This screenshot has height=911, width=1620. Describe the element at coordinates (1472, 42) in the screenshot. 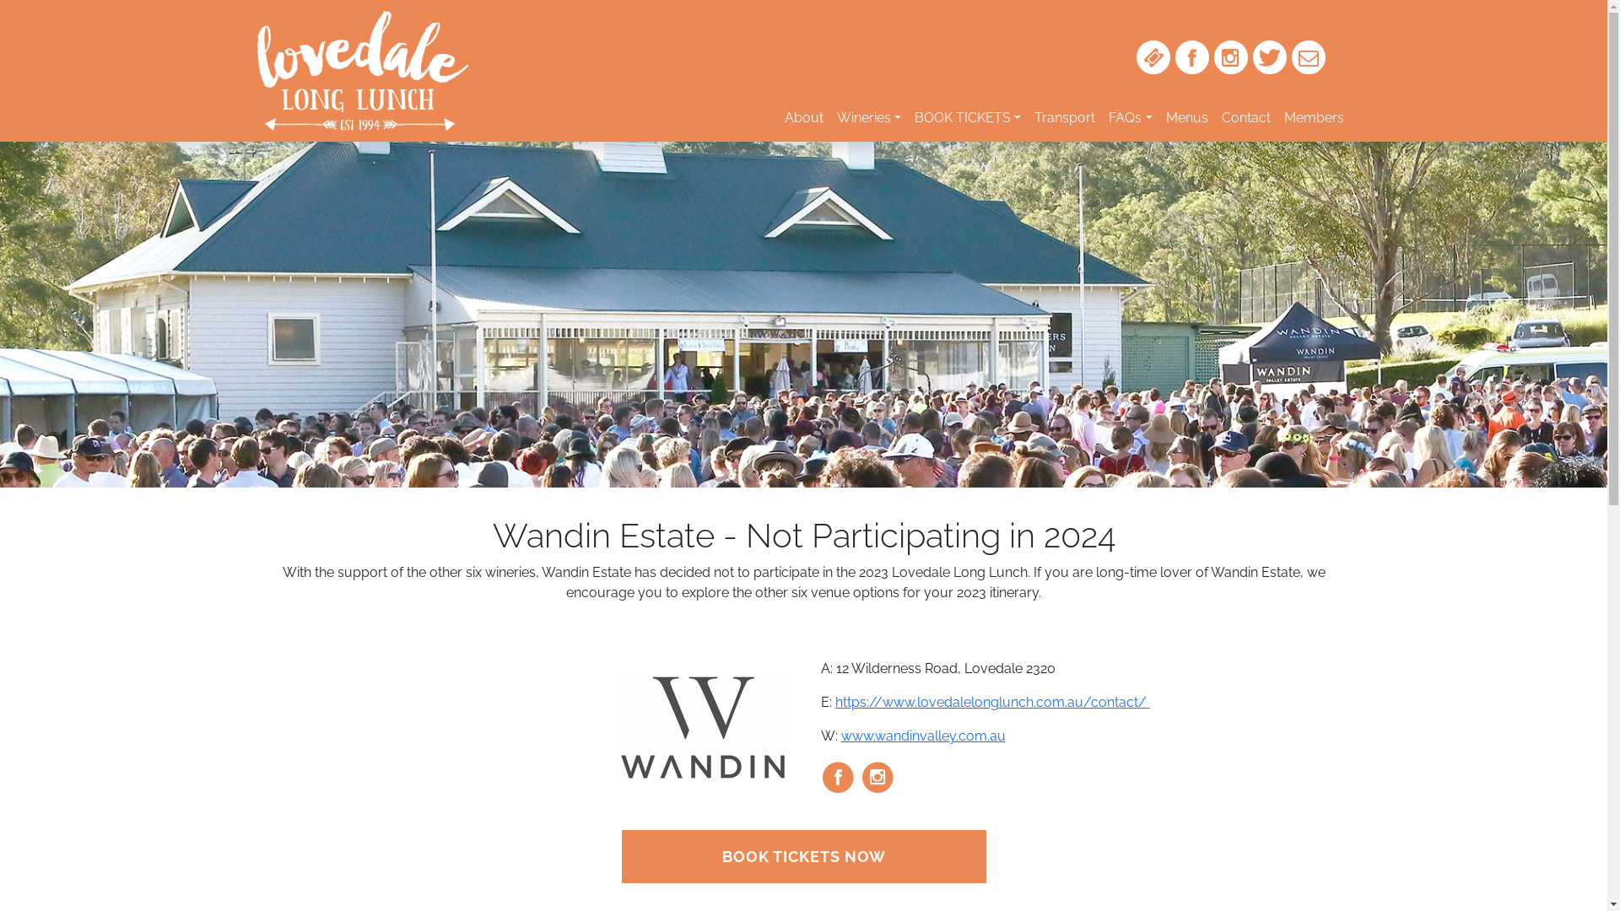

I see `'BACK'` at that location.